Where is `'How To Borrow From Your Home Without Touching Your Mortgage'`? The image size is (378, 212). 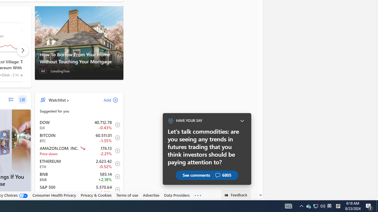
'How To Borrow From Your Home Without Touching Your Mortgage' is located at coordinates (79, 42).